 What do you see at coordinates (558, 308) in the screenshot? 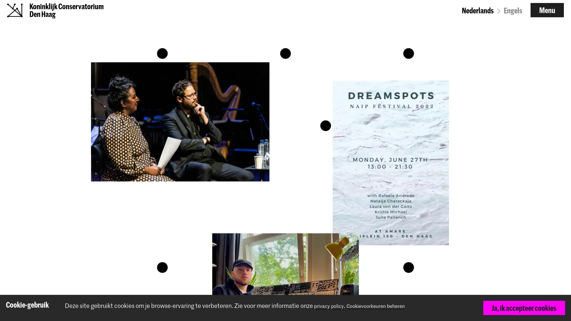
I see `Hide notifications` at bounding box center [558, 308].